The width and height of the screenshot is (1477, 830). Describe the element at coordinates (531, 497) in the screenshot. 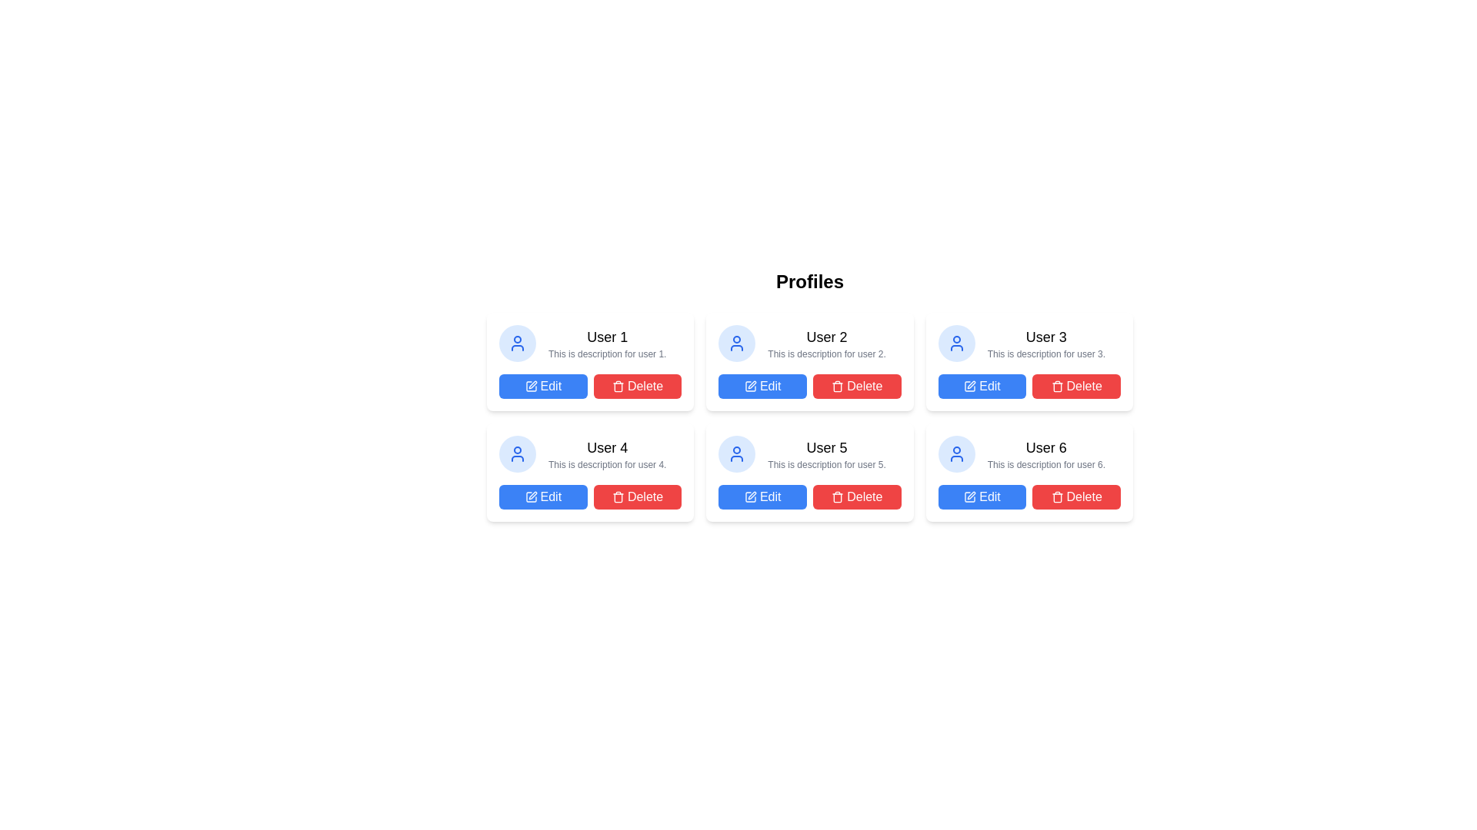

I see `the pen icon located within the 'Edit' button for User 4, which visually indicates its purpose for editing` at that location.